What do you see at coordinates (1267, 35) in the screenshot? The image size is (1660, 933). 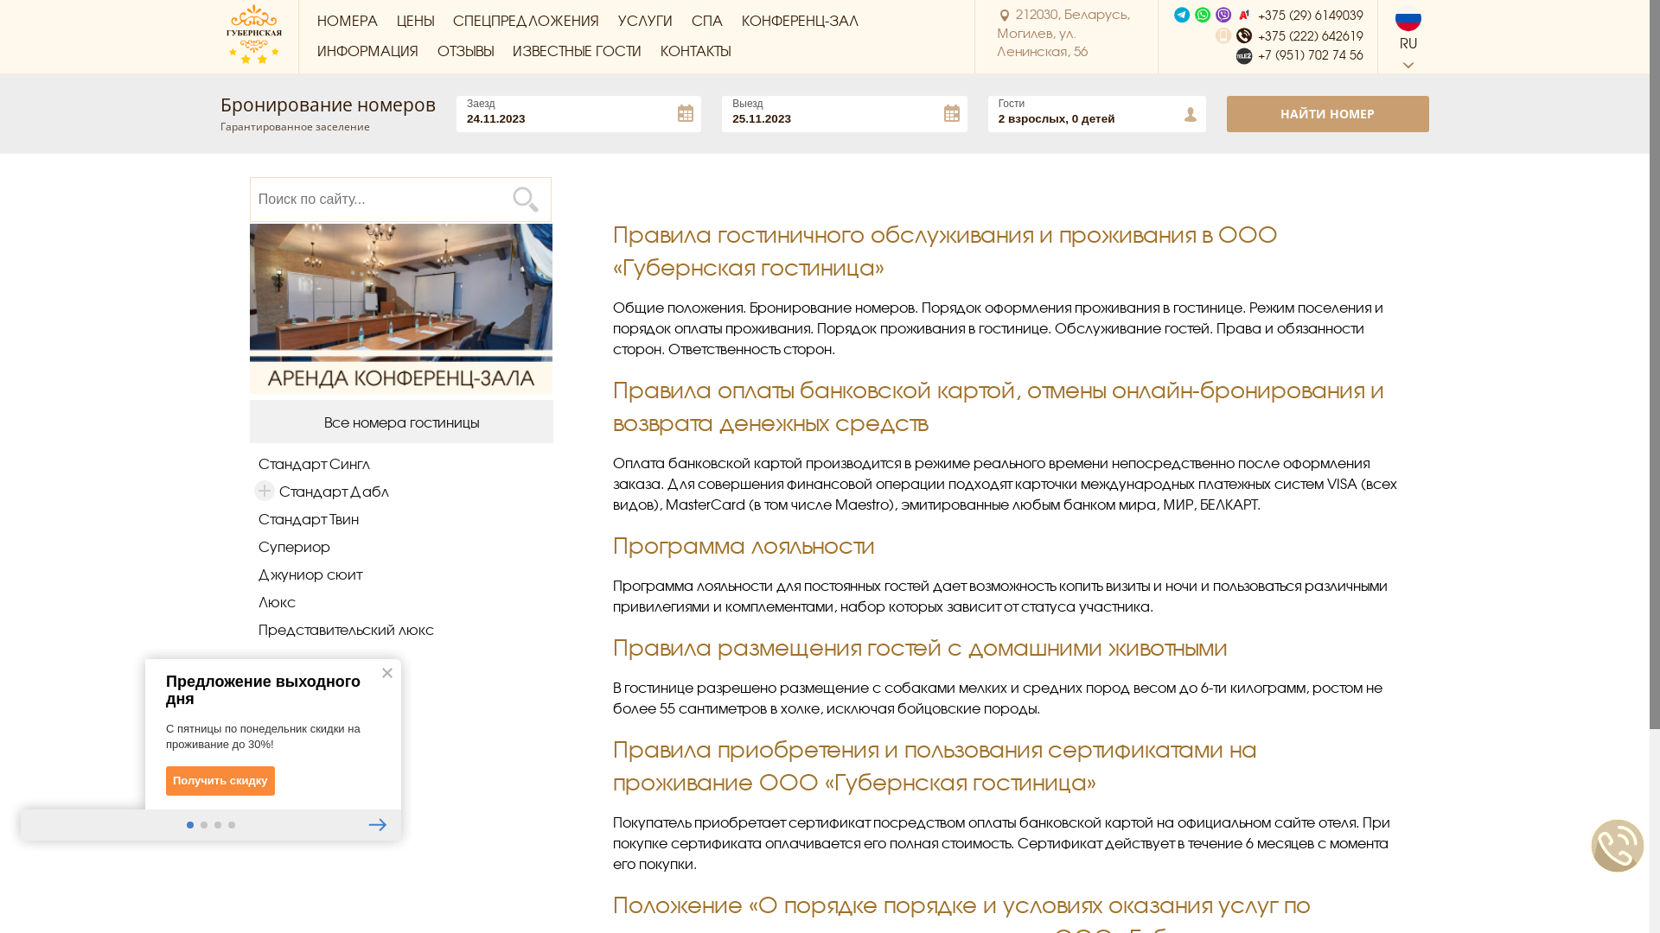 I see `'+375 (222) 642619'` at bounding box center [1267, 35].